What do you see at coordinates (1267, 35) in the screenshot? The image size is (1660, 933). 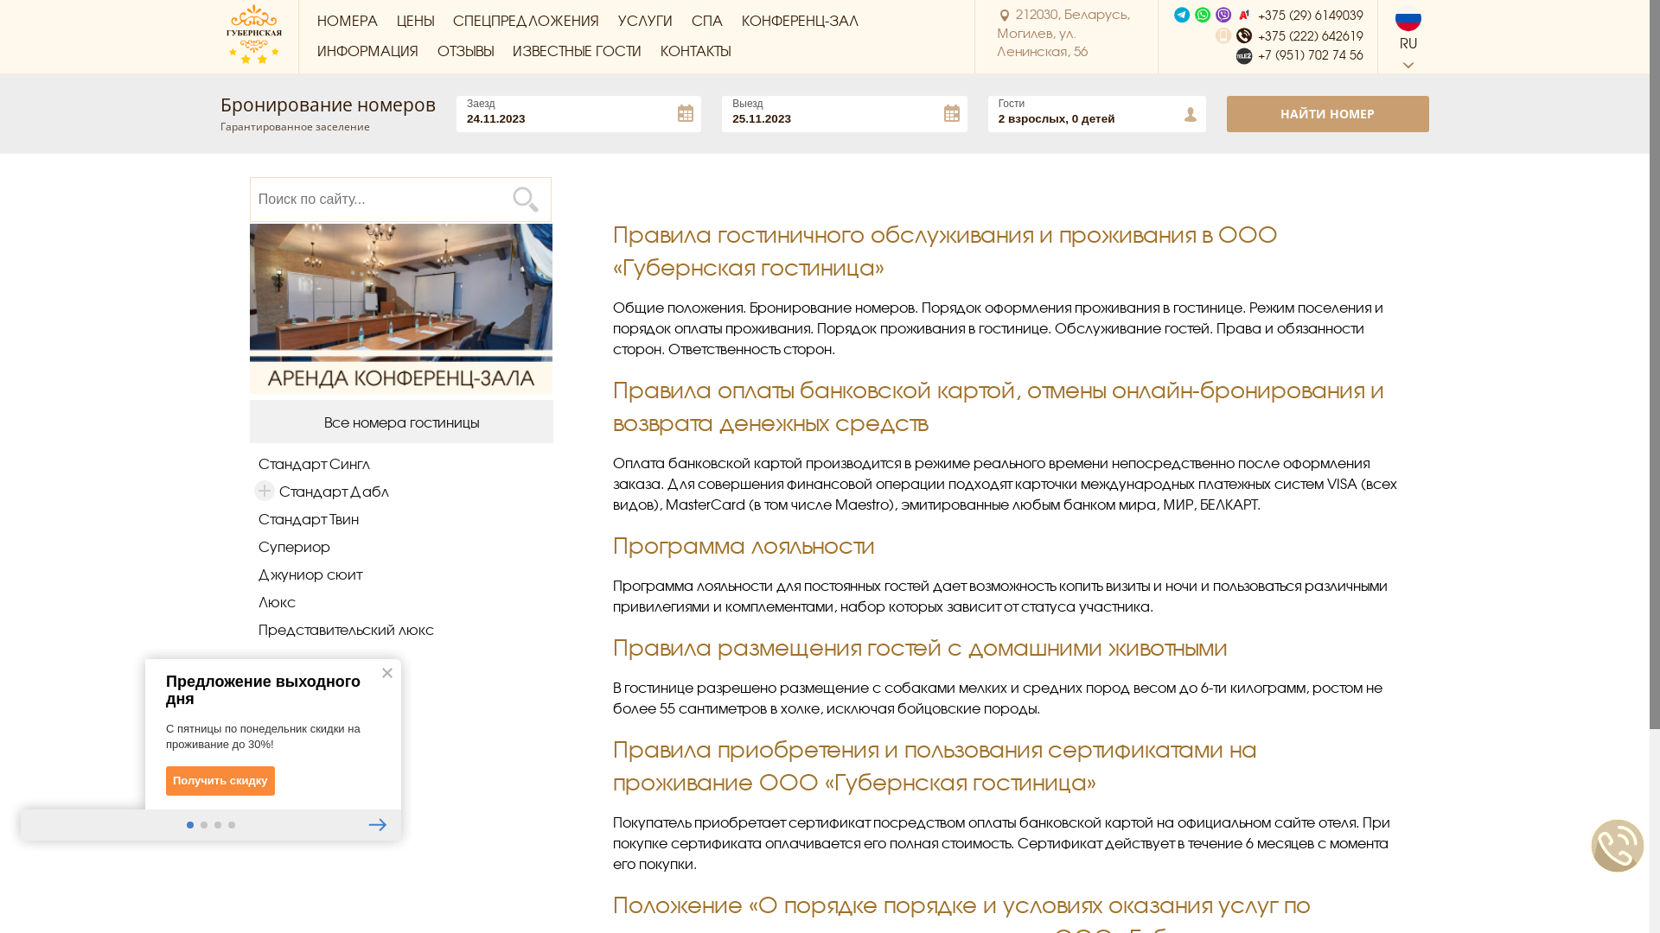 I see `'+375 (222) 642619'` at bounding box center [1267, 35].